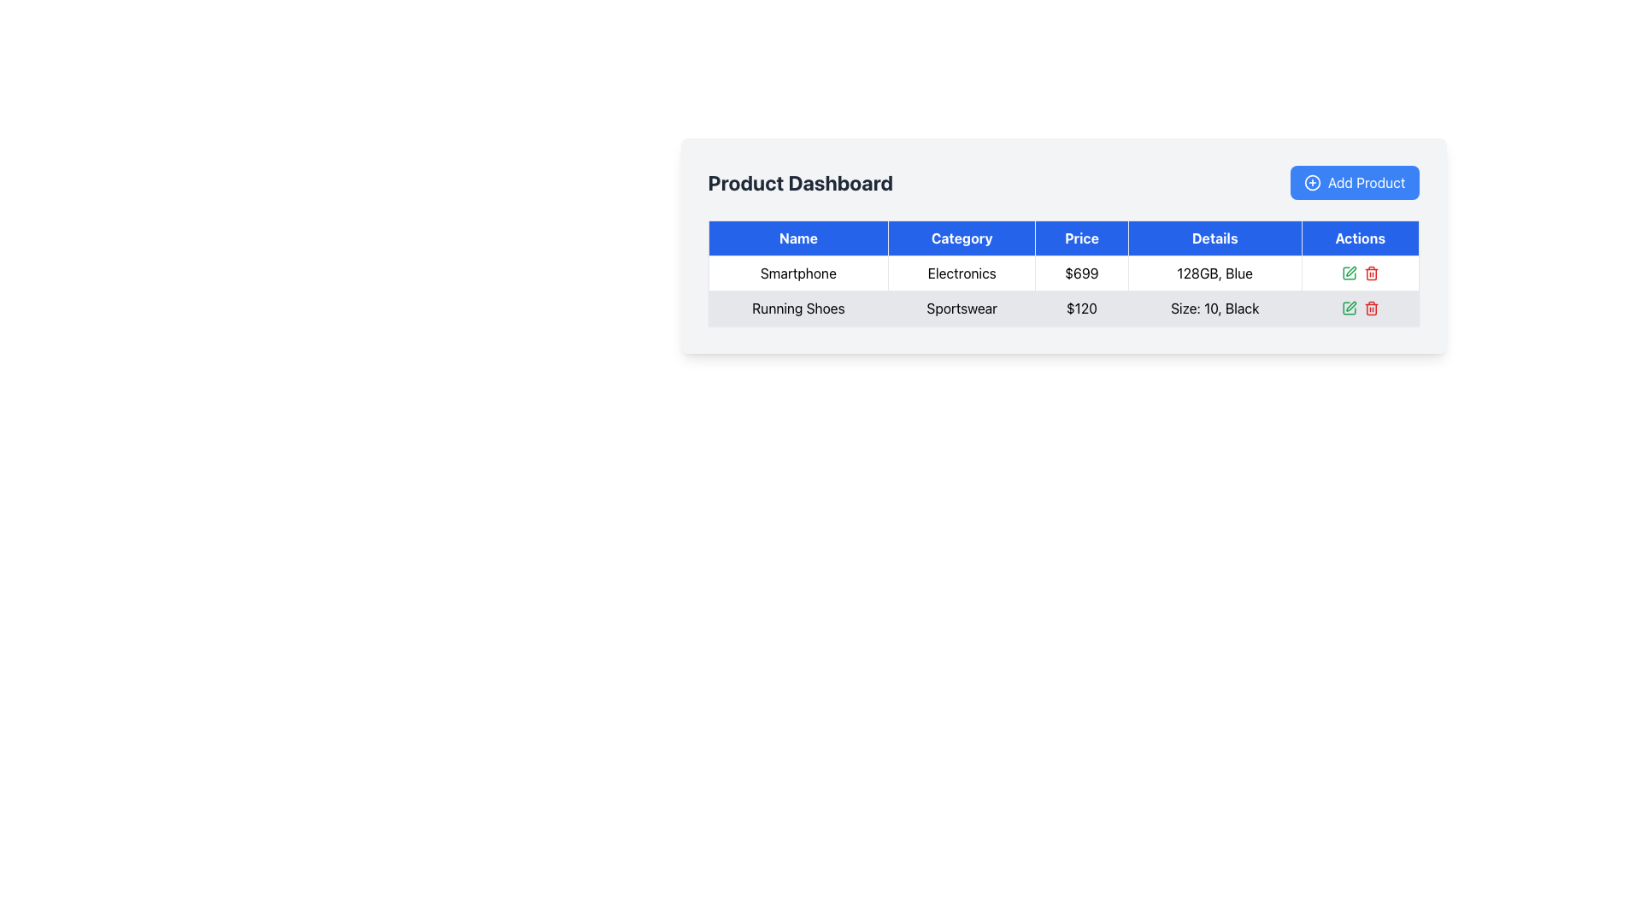 This screenshot has height=923, width=1641. I want to click on the 'Add Product' button with a blue background and a '+' icon, so click(1354, 182).